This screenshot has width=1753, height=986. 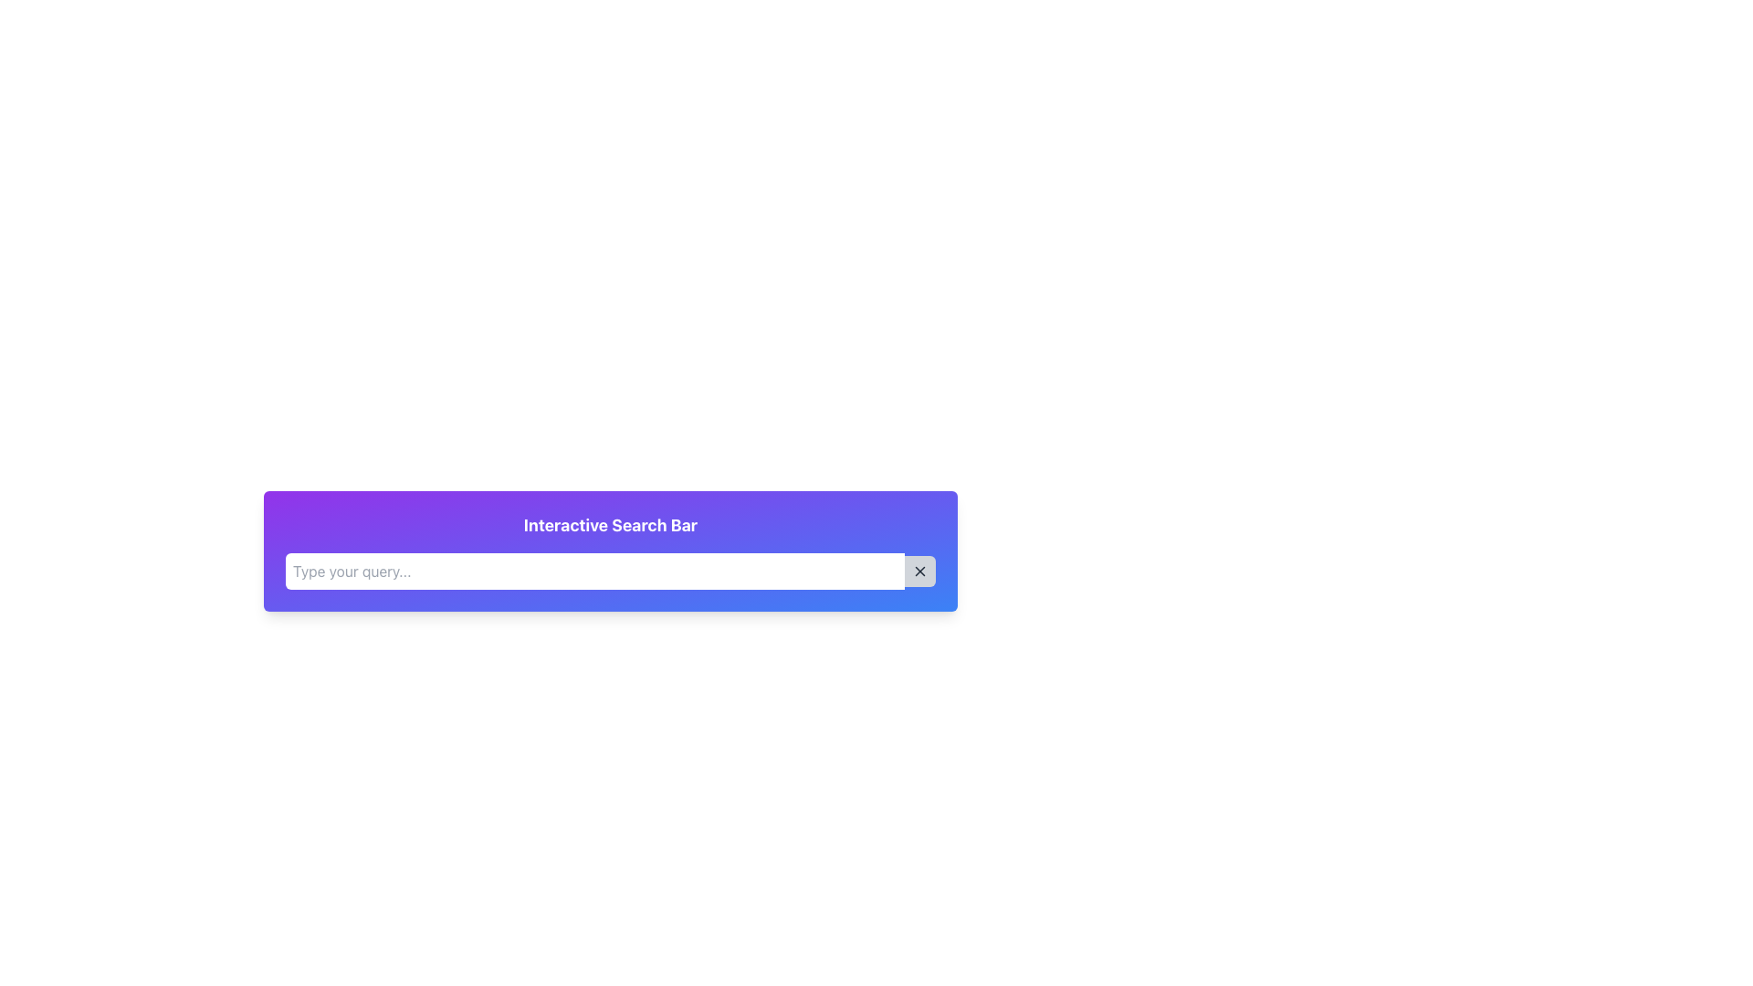 I want to click on the 'X' icon button located at the far right end of the search input field to clear the input, so click(x=920, y=570).